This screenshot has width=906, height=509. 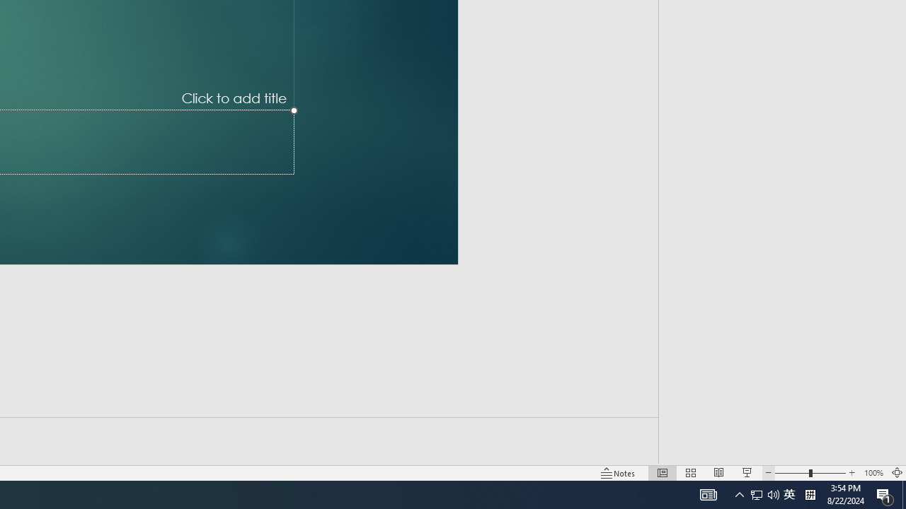 What do you see at coordinates (810, 473) in the screenshot?
I see `'Zoom'` at bounding box center [810, 473].